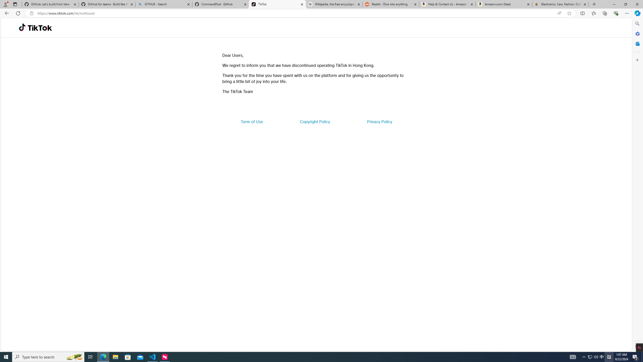  I want to click on 'GITHUB - Search', so click(164, 4).